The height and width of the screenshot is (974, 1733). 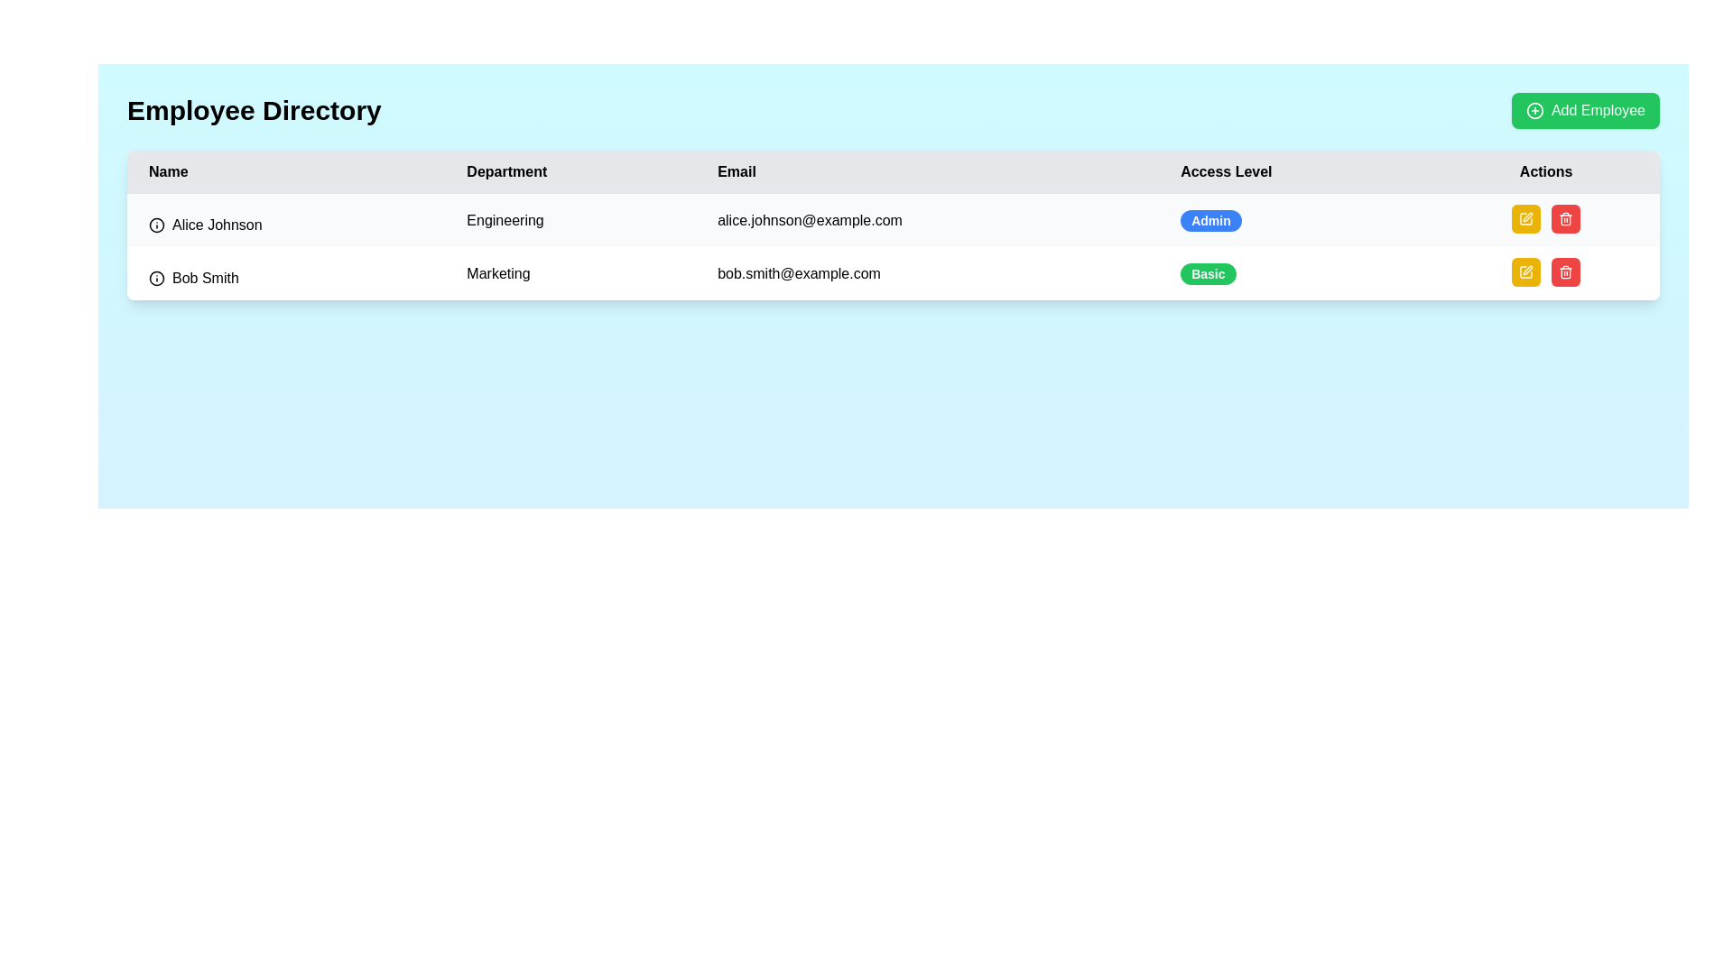 I want to click on the 'Admin' badge in the 'Access Level' column for the first row under 'Alice Johnson', so click(x=1210, y=219).